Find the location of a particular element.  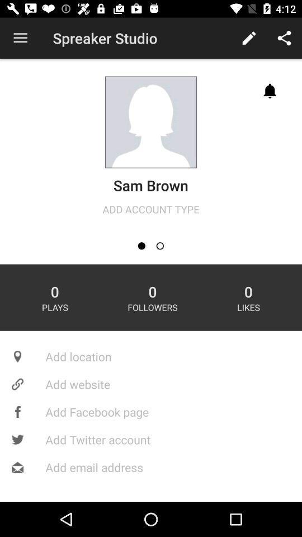

item below add account type is located at coordinates (159, 246).